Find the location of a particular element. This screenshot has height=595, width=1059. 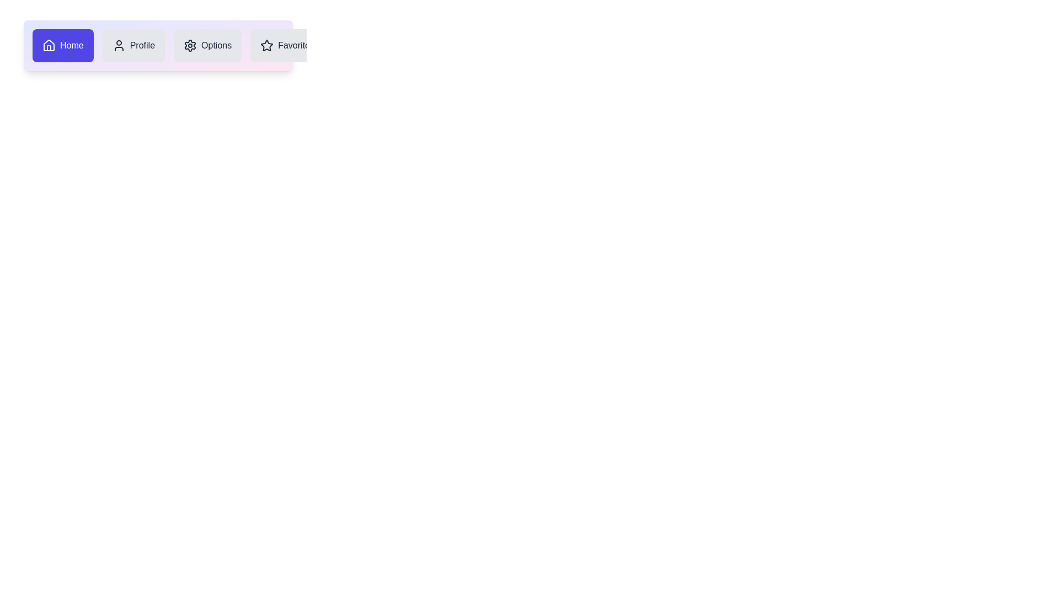

the Options icon in the navigation bar is located at coordinates (208, 45).